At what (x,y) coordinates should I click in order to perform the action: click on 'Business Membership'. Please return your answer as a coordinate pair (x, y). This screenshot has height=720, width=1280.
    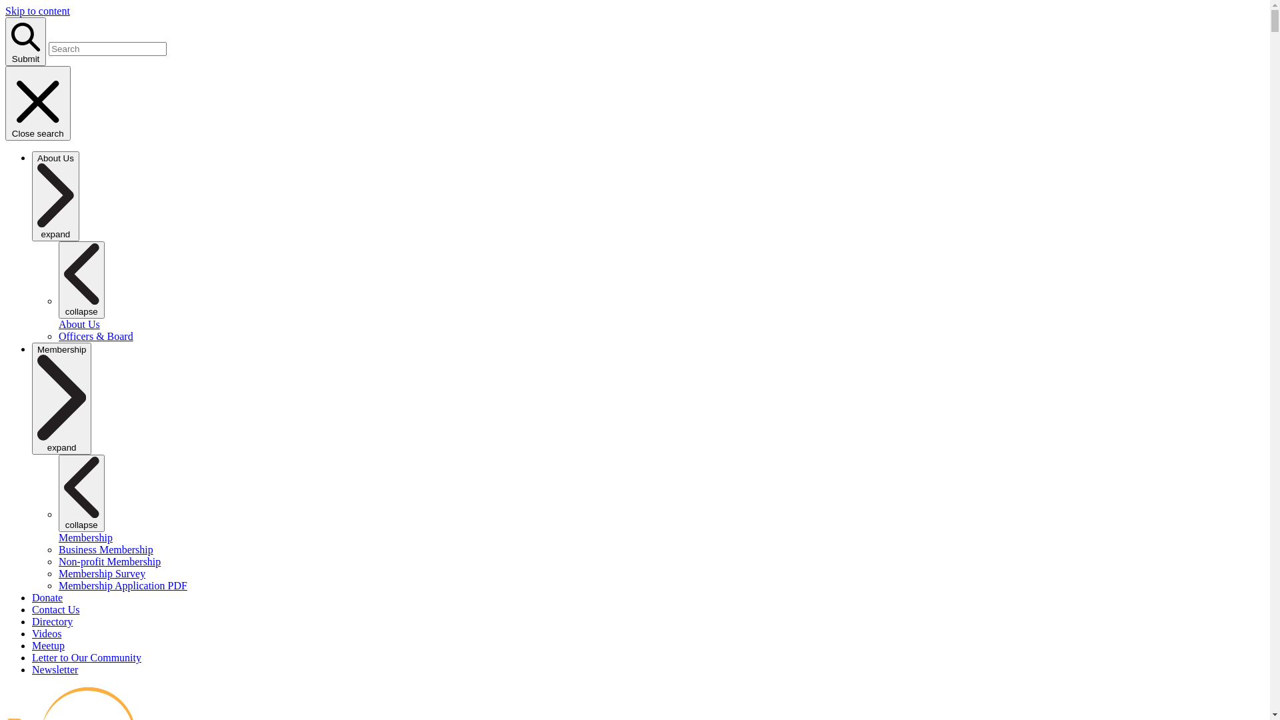
    Looking at the image, I should click on (105, 549).